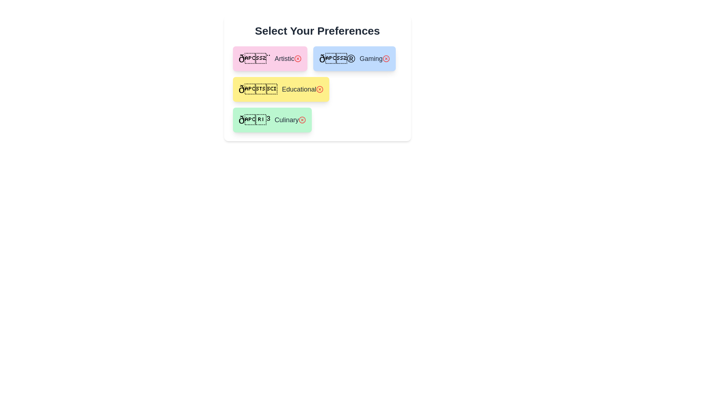 The width and height of the screenshot is (701, 394). What do you see at coordinates (302, 119) in the screenshot?
I see `remove button for the preference labeled Culinary` at bounding box center [302, 119].